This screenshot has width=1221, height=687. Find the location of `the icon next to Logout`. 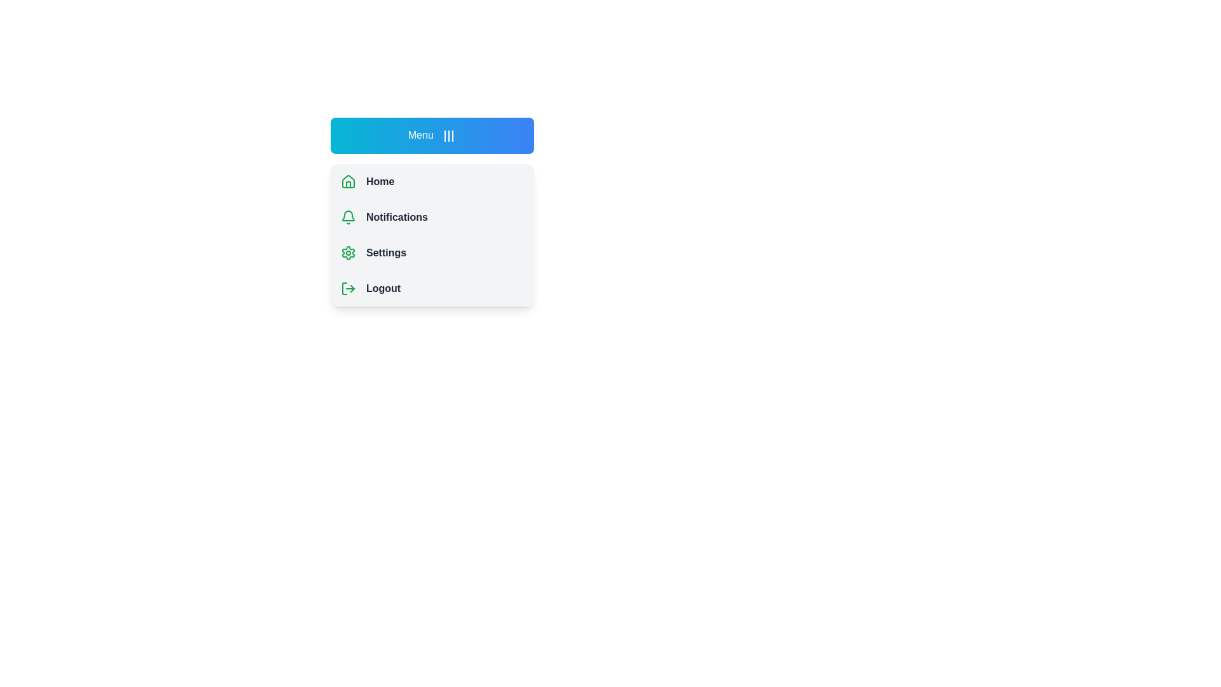

the icon next to Logout is located at coordinates (348, 288).